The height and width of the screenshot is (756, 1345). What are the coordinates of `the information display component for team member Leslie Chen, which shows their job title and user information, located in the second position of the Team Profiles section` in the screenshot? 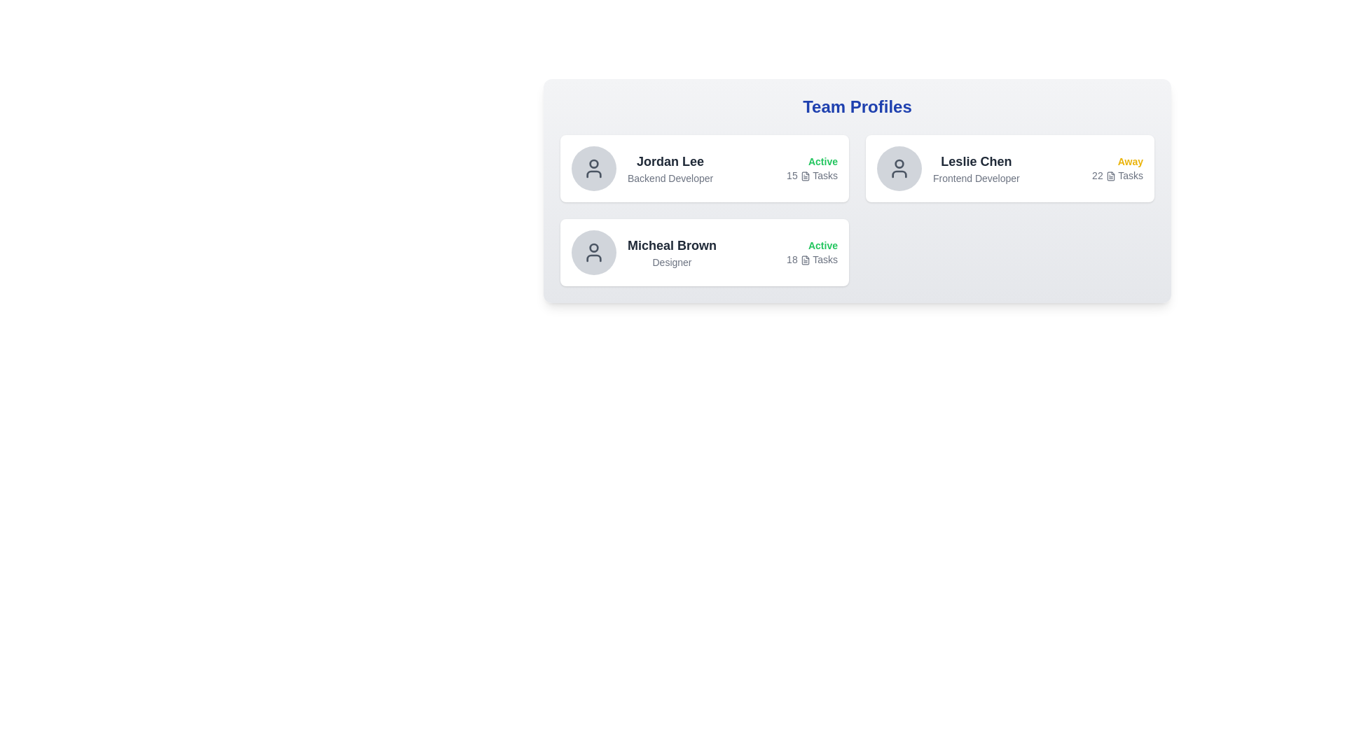 It's located at (948, 167).